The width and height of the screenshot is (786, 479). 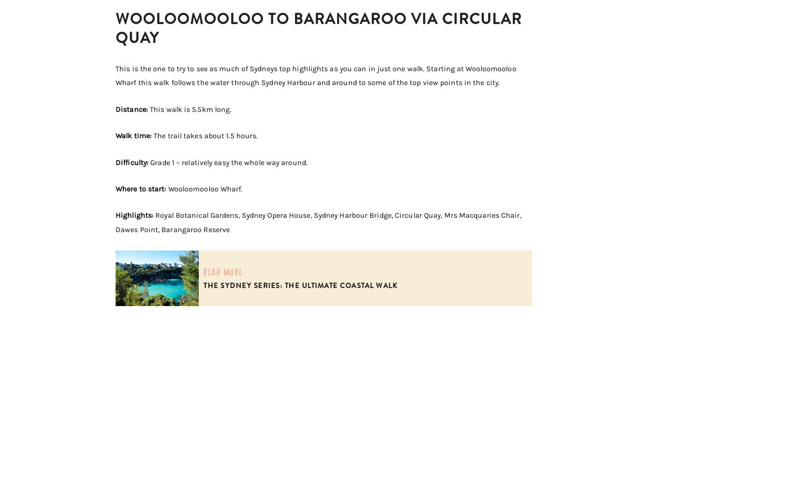 I want to click on 'This walk is 5.5km long.', so click(x=190, y=109).